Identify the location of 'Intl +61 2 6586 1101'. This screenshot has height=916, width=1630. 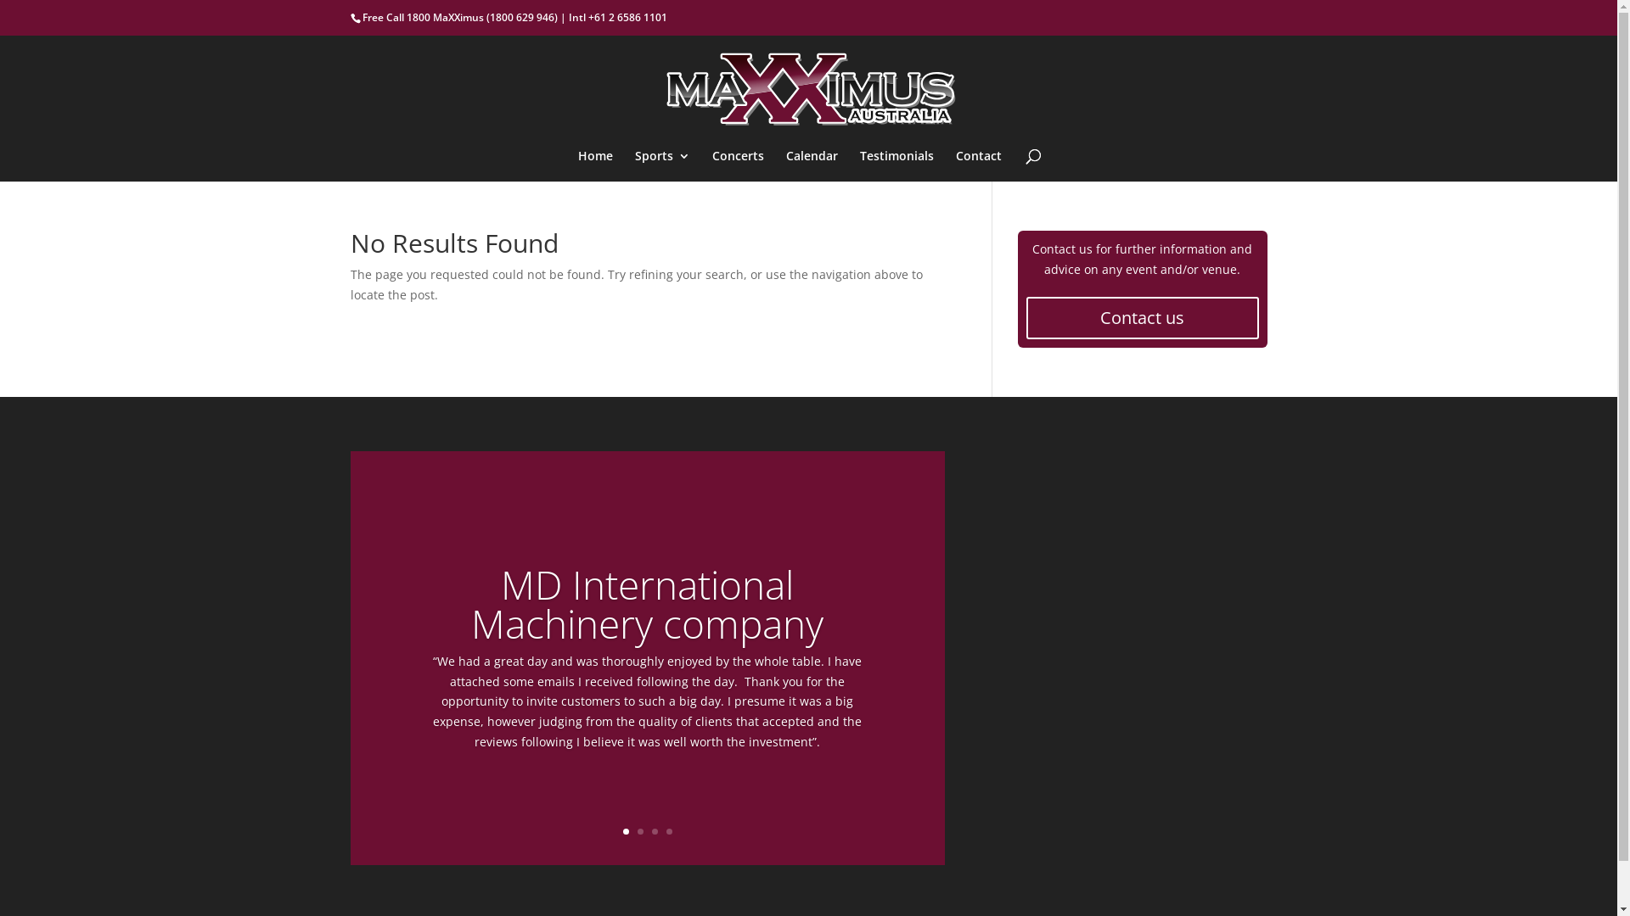
(617, 17).